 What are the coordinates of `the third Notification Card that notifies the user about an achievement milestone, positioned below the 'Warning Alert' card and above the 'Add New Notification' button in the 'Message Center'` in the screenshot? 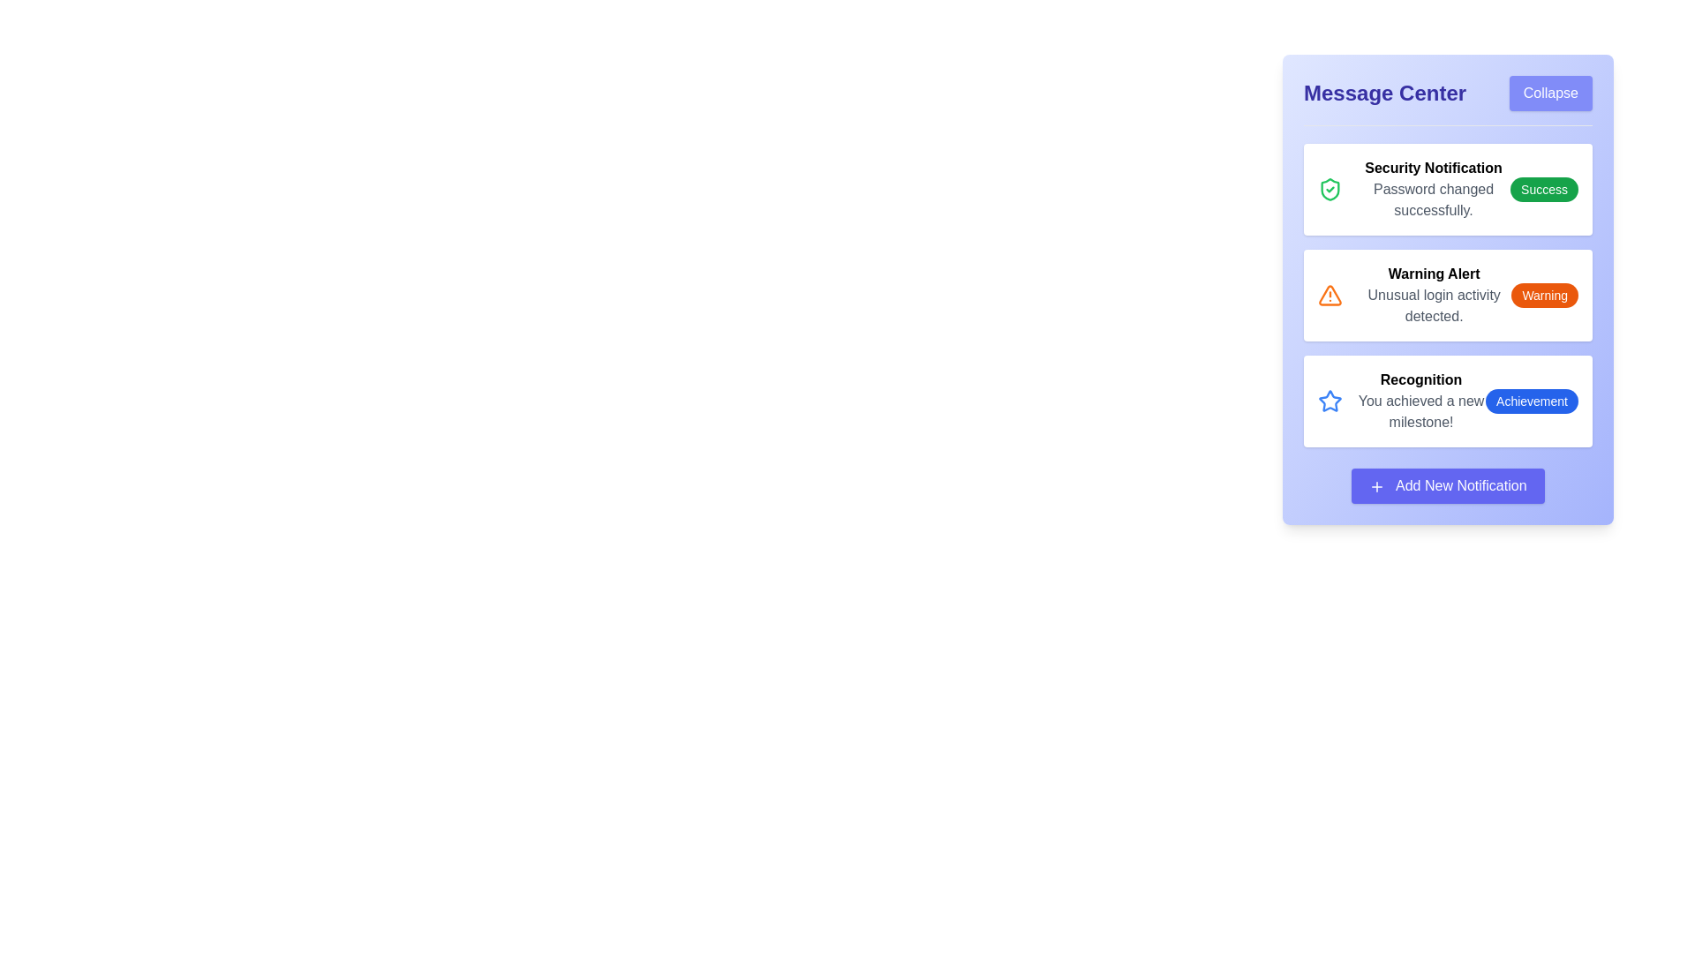 It's located at (1448, 401).